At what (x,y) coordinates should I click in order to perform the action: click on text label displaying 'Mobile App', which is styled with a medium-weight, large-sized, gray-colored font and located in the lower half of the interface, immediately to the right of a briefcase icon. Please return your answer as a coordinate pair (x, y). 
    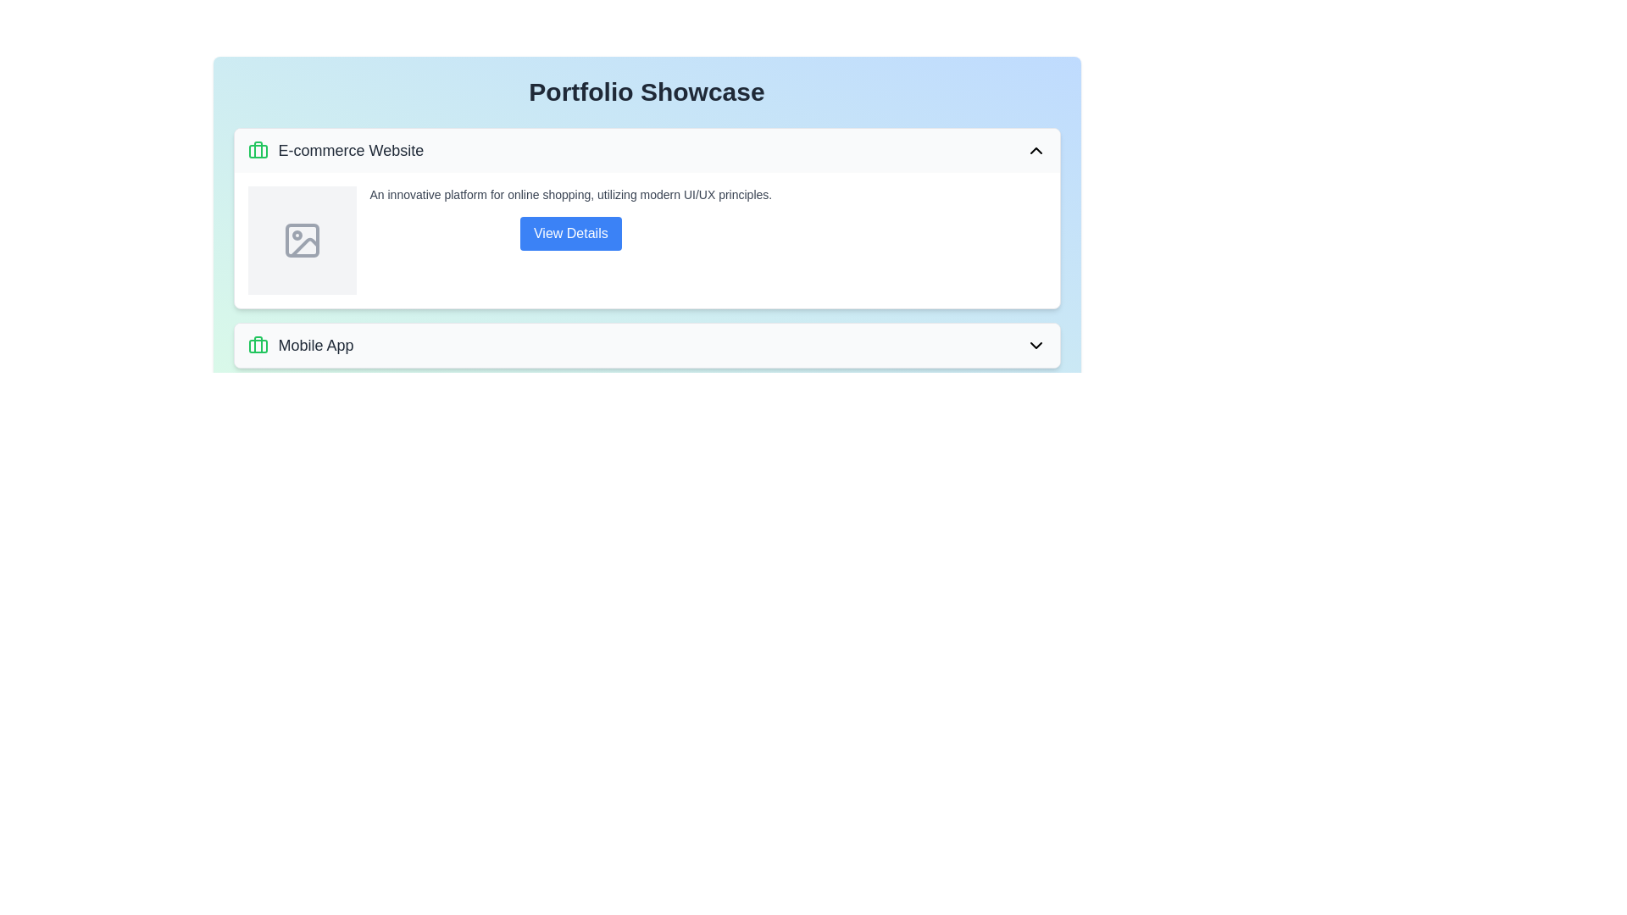
    Looking at the image, I should click on (316, 345).